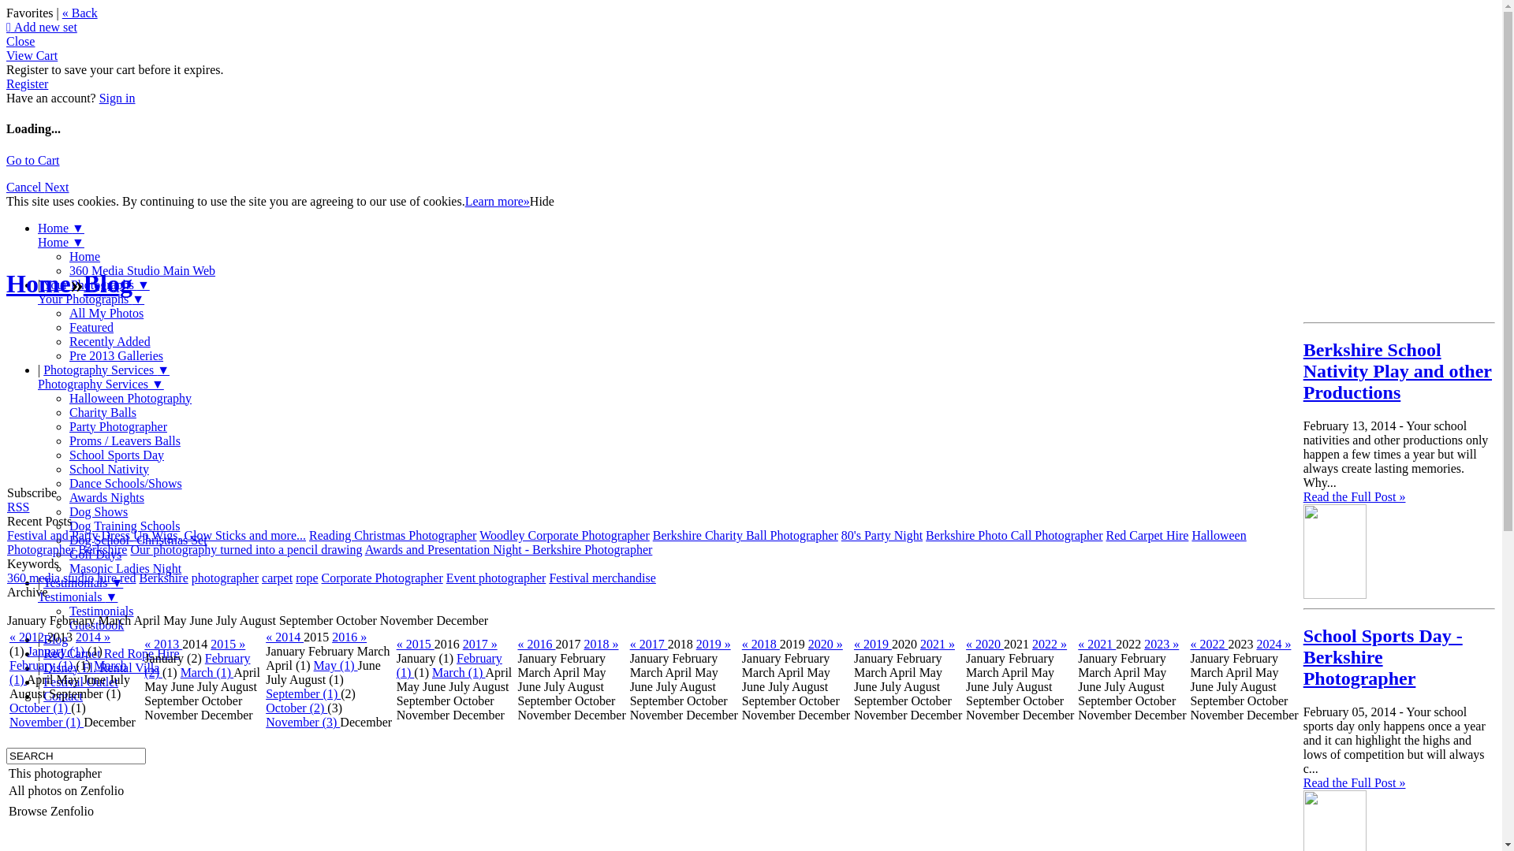 Image resolution: width=1514 pixels, height=851 pixels. What do you see at coordinates (196, 665) in the screenshot?
I see `'February (2)'` at bounding box center [196, 665].